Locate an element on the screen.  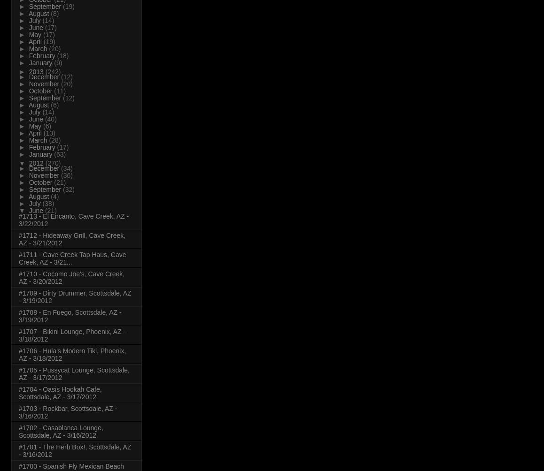
'#1702 - Casablanca Lounge, Scottsdale, AZ - 3/16/2012' is located at coordinates (60, 430).